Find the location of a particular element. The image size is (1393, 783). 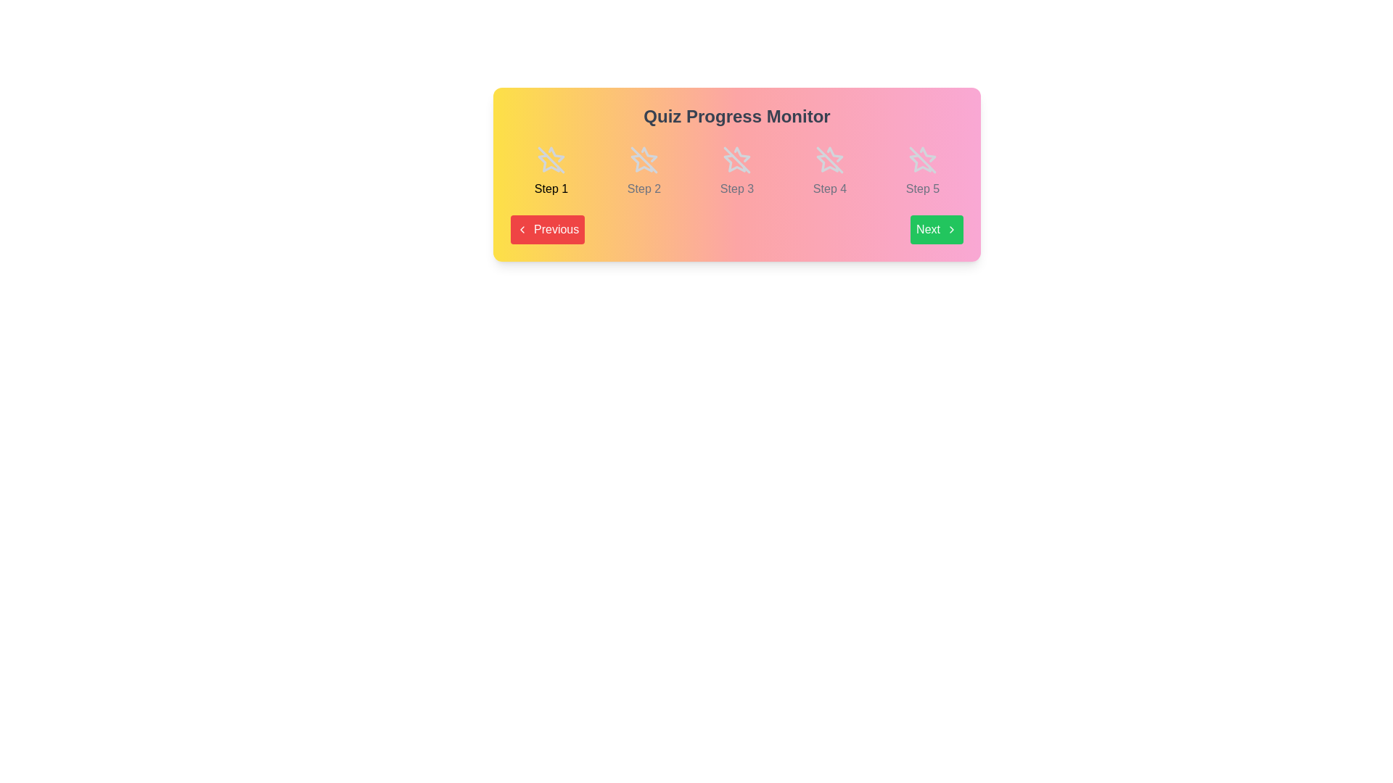

the gray star icon that indicates an 'off' or 'disabled' state, located on a pink background under the text label 'Step 5'. This is the fifth star in a sequence of five star icons is located at coordinates (922, 159).